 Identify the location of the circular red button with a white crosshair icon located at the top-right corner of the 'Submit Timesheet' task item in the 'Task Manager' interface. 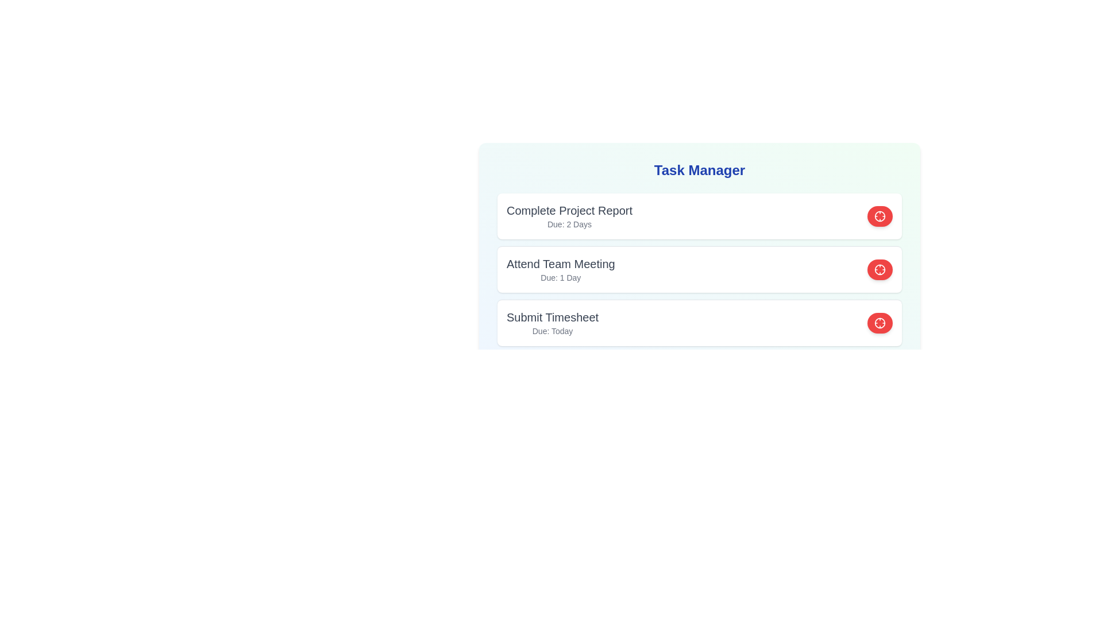
(879, 323).